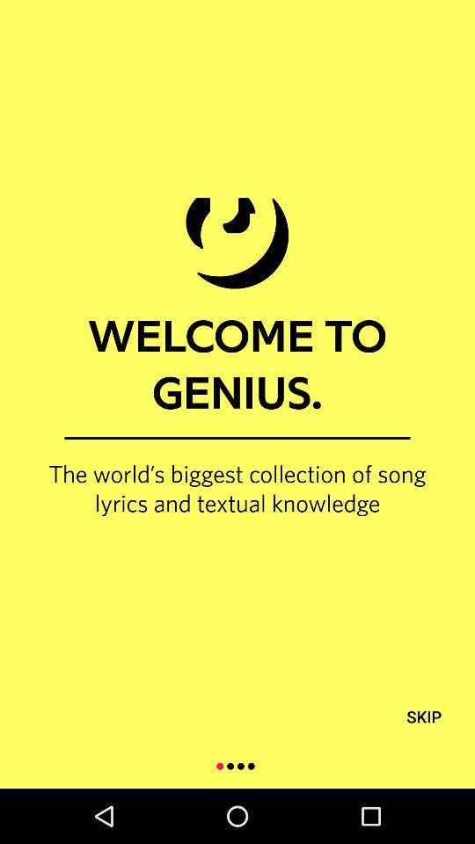 The width and height of the screenshot is (475, 844). What do you see at coordinates (423, 717) in the screenshot?
I see `the skip` at bounding box center [423, 717].